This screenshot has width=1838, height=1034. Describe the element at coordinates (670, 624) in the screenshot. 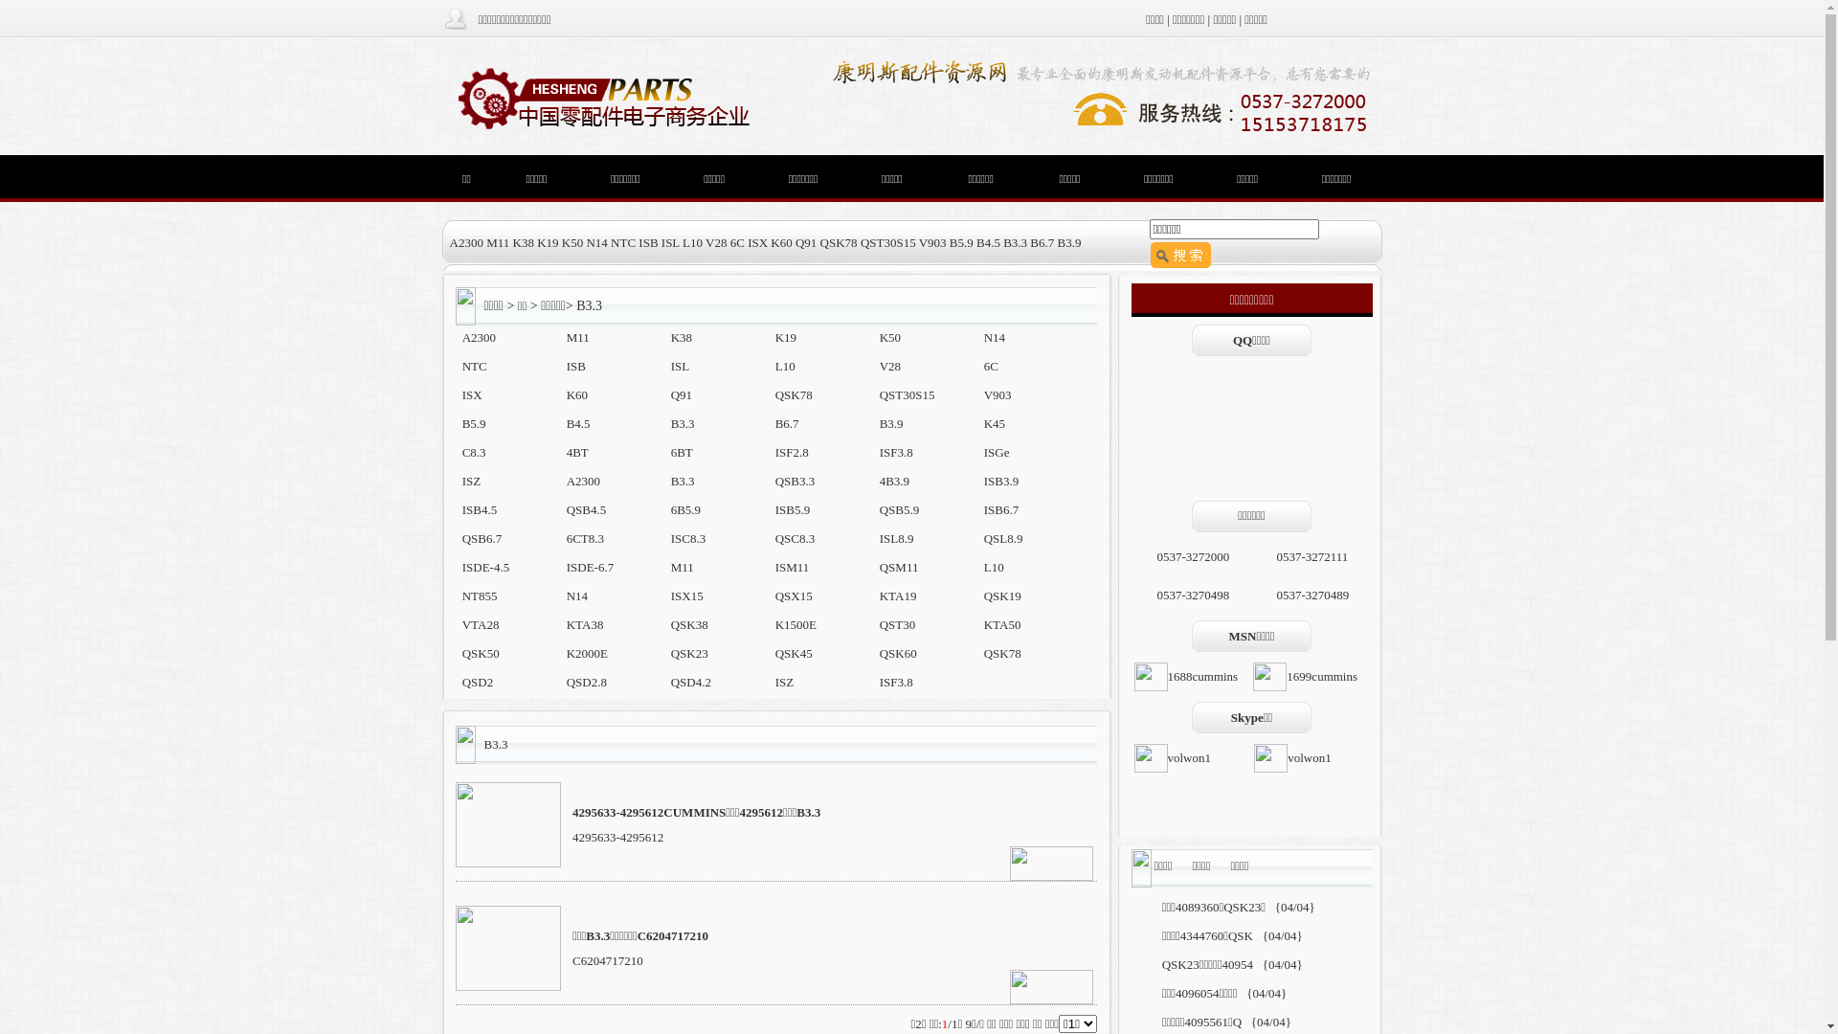

I see `'QSK38'` at that location.